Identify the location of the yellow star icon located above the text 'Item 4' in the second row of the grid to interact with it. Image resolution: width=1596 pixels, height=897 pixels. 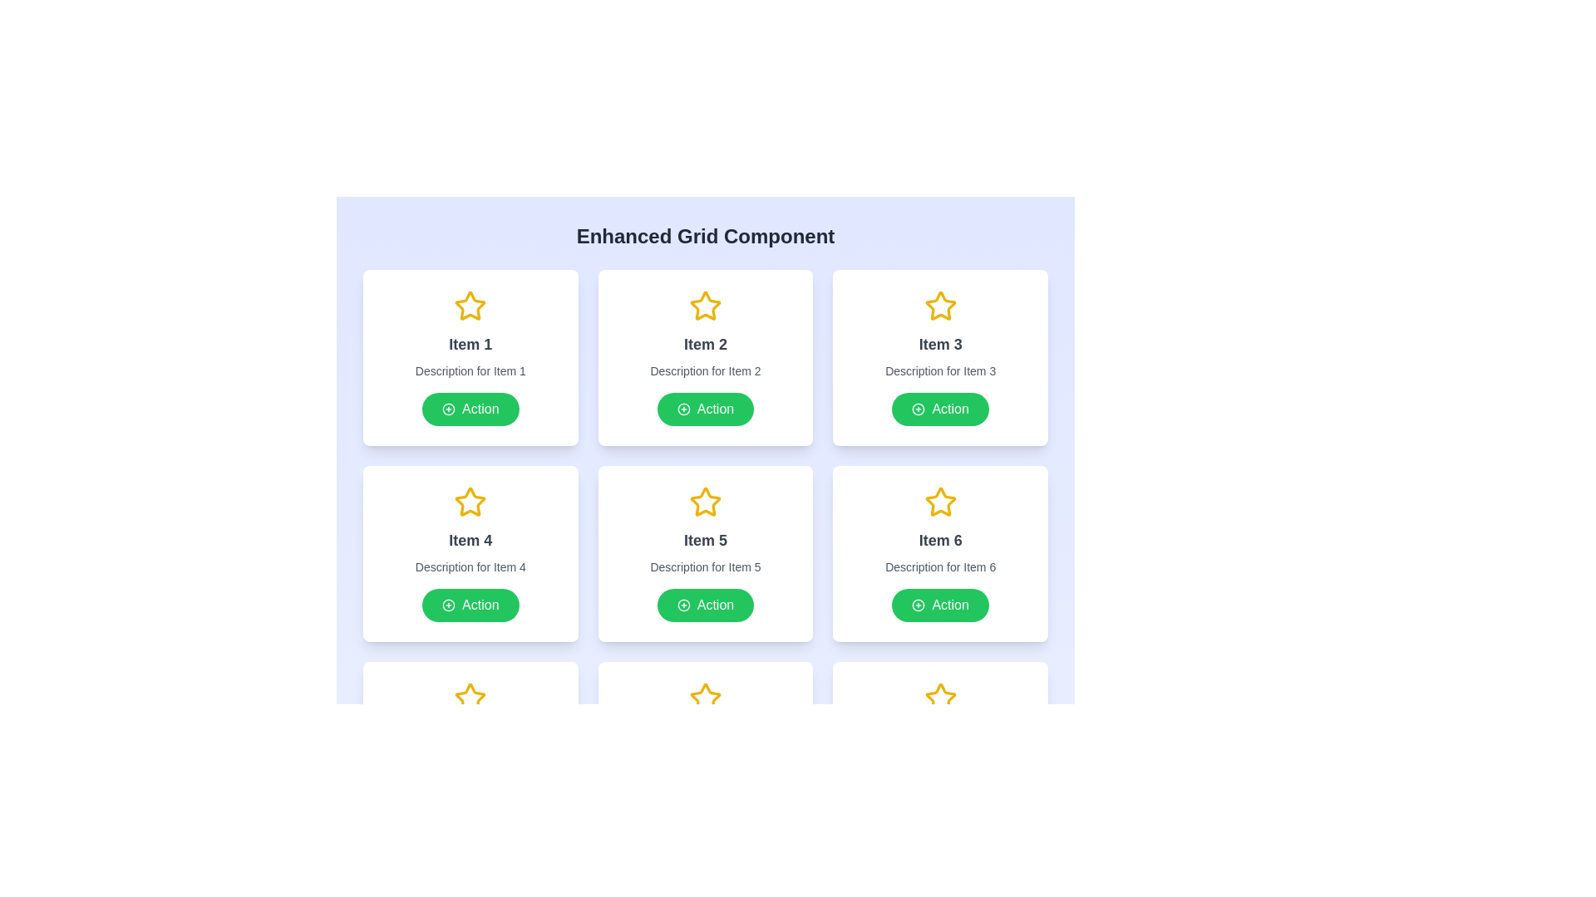
(470, 501).